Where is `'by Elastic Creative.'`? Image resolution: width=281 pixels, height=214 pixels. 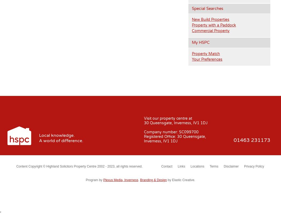 'by Elastic Creative.' is located at coordinates (181, 180).